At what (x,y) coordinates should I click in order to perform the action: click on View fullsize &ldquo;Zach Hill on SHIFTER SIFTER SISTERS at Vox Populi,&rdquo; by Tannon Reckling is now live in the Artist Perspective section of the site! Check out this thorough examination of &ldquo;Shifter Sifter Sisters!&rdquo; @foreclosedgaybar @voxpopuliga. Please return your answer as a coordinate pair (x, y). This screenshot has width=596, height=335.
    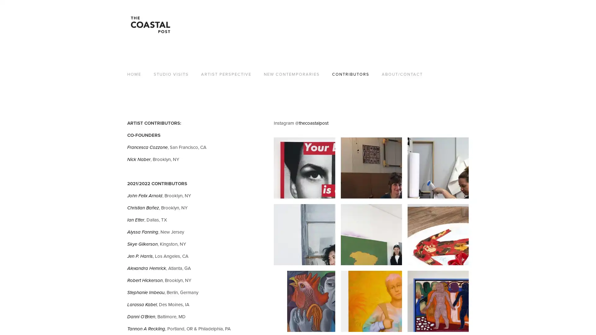
    Looking at the image, I should click on (437, 234).